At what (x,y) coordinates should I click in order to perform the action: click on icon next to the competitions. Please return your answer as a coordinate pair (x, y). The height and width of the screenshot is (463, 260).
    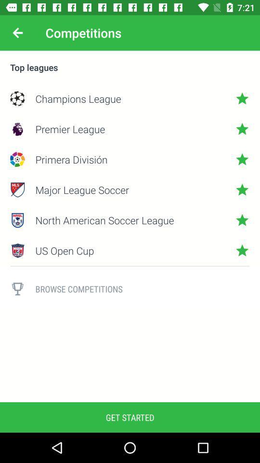
    Looking at the image, I should click on (17, 33).